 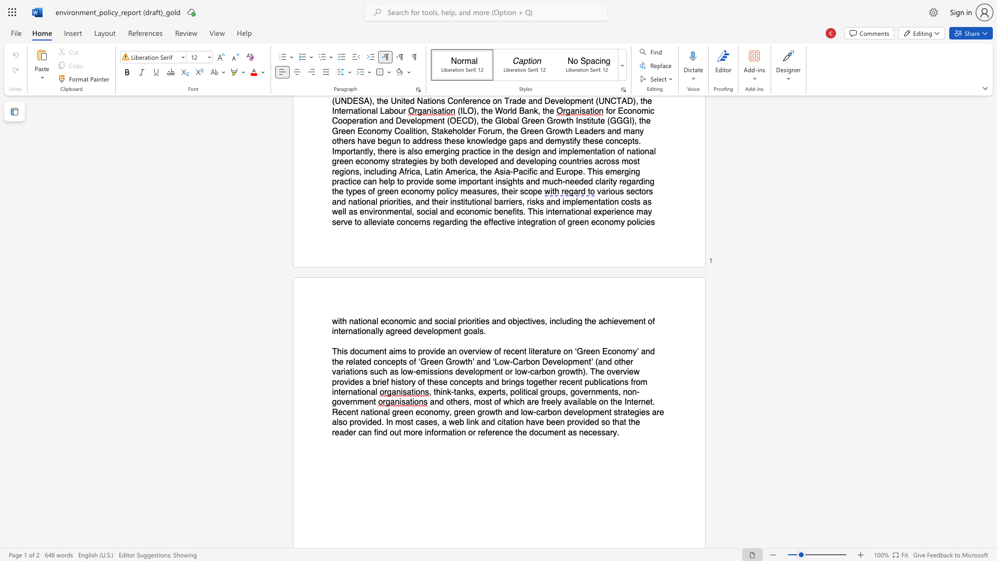 What do you see at coordinates (469, 422) in the screenshot?
I see `the subset text "nk and citation" within the text "and others, most of which are freely available on the Internet. Recent national green economy, green growth and low‐carbon development strategies are also provided. In most cases, a web link and citation have been provided so that the reader can find out more information or reference the"` at bounding box center [469, 422].